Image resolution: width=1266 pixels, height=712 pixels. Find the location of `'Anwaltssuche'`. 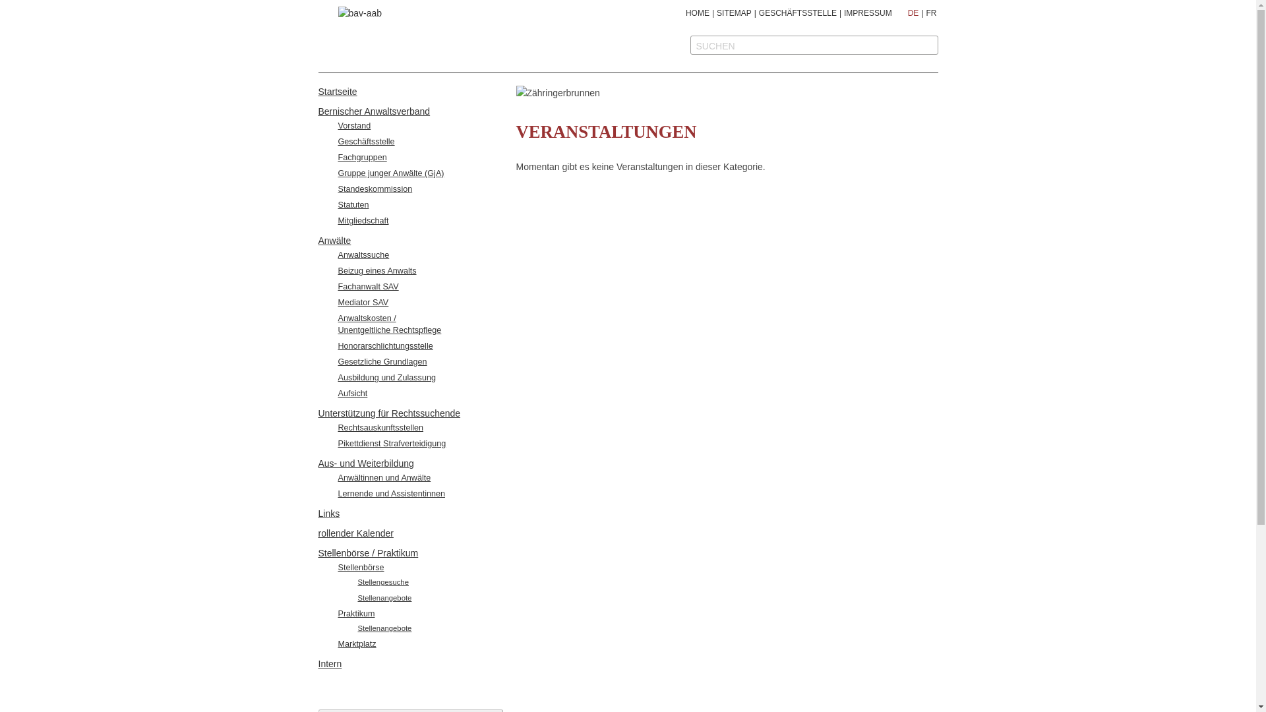

'Anwaltssuche' is located at coordinates (363, 254).